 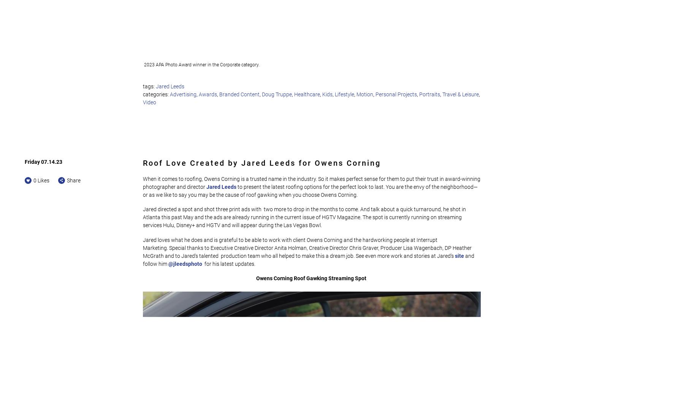 What do you see at coordinates (156, 94) in the screenshot?
I see `'categories:'` at bounding box center [156, 94].